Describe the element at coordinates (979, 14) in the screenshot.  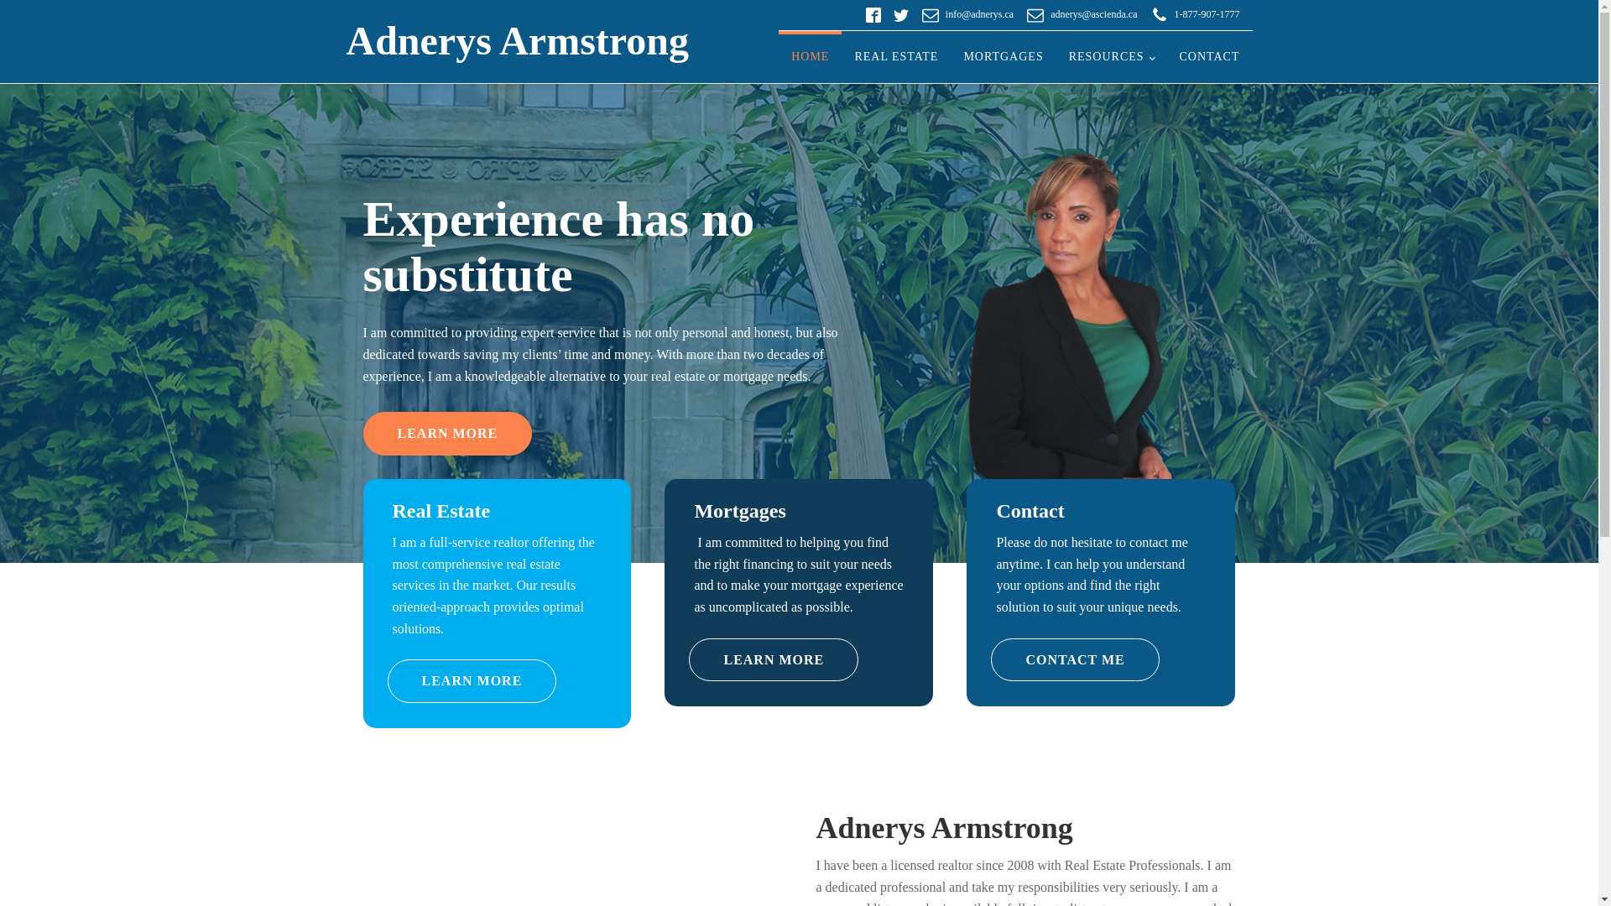
I see `'info@adnerys.ca'` at that location.